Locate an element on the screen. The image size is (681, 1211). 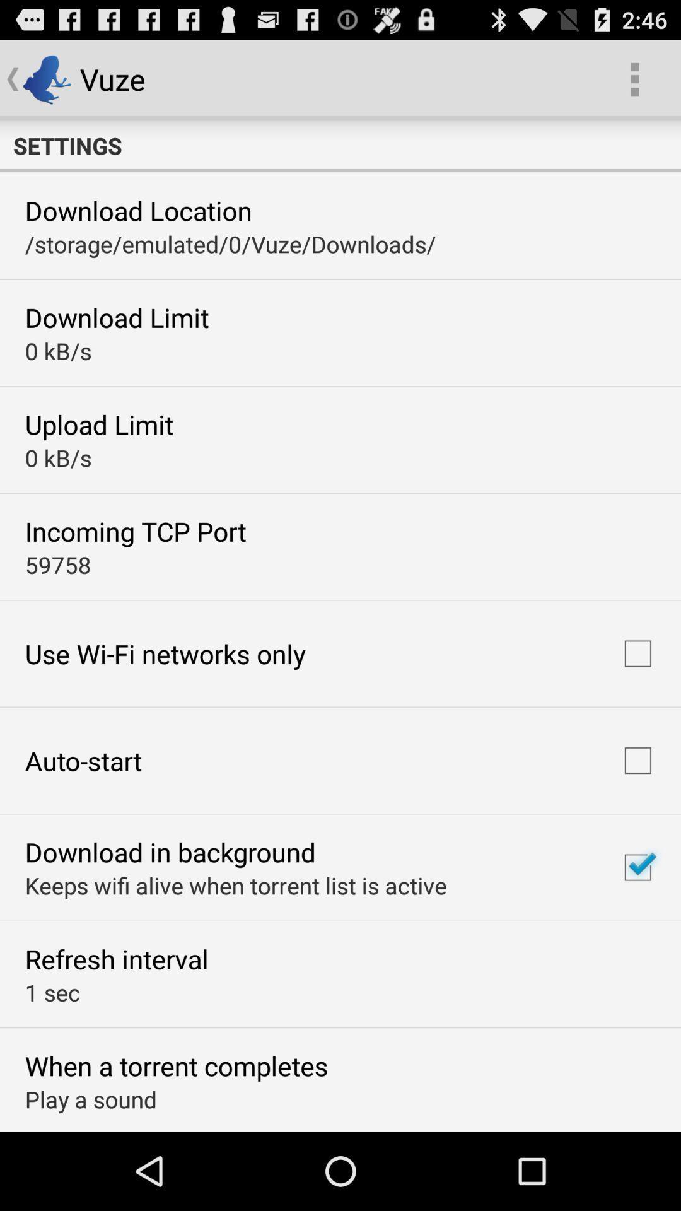
the icon below the use wi fi item is located at coordinates (83, 759).